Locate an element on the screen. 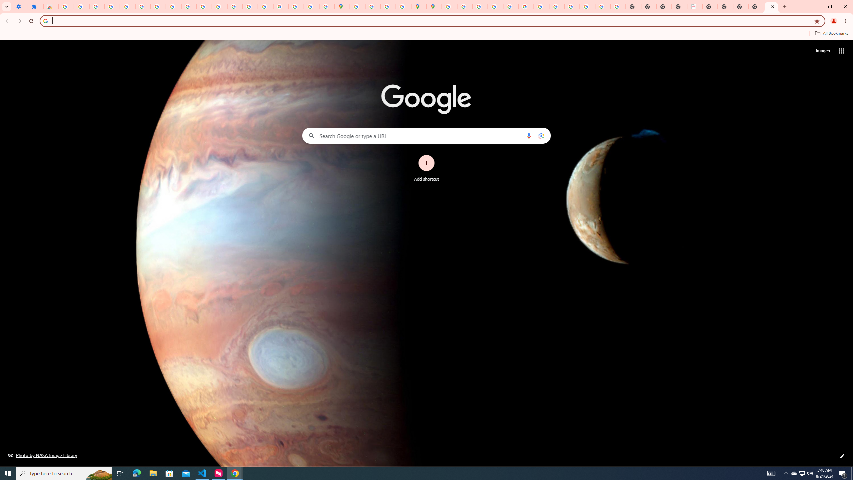  'Google Maps' is located at coordinates (342, 6).